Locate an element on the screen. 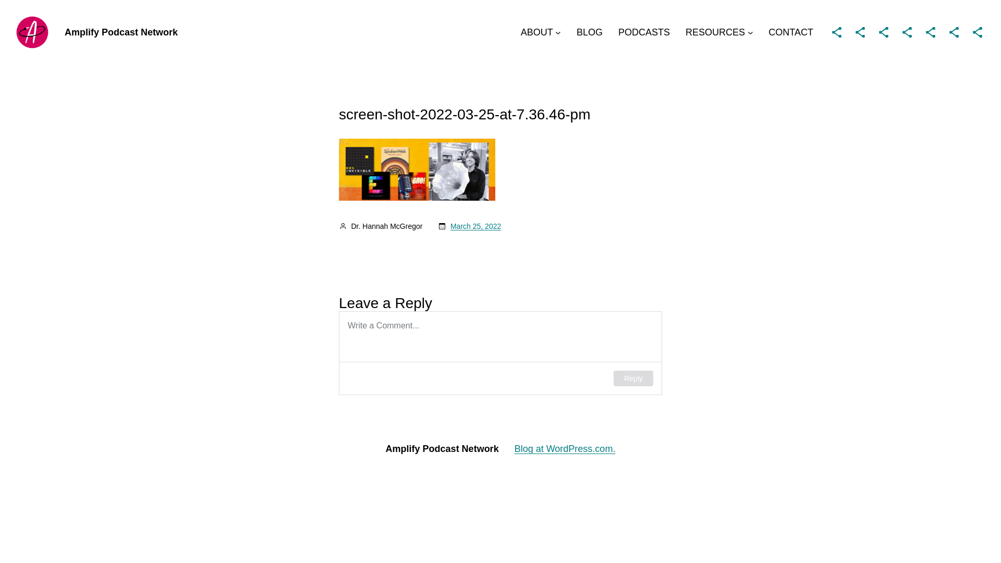 This screenshot has width=1001, height=563. 'Share Icon' is located at coordinates (883, 31).